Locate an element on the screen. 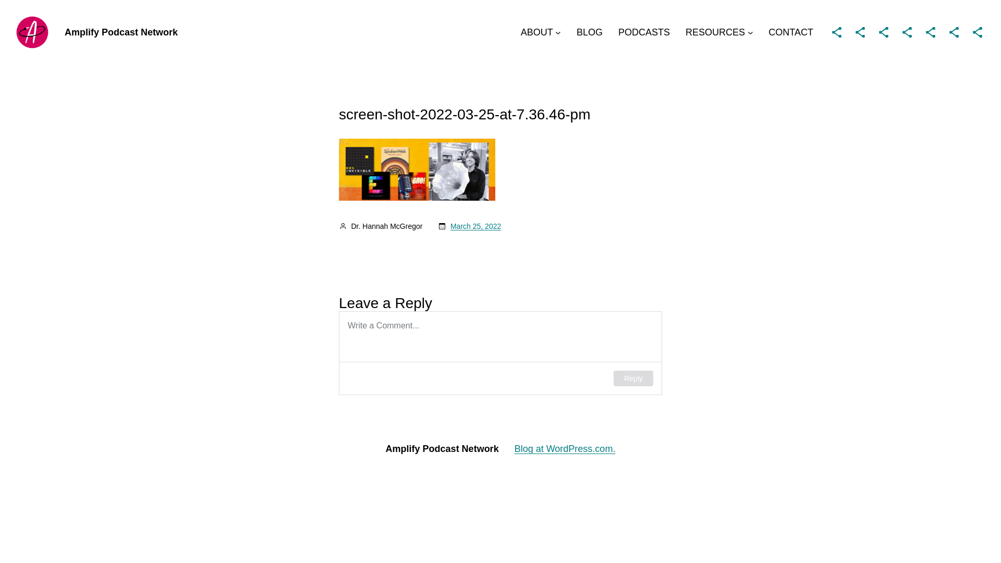 This screenshot has width=1001, height=563. 'Share Icon' is located at coordinates (883, 31).